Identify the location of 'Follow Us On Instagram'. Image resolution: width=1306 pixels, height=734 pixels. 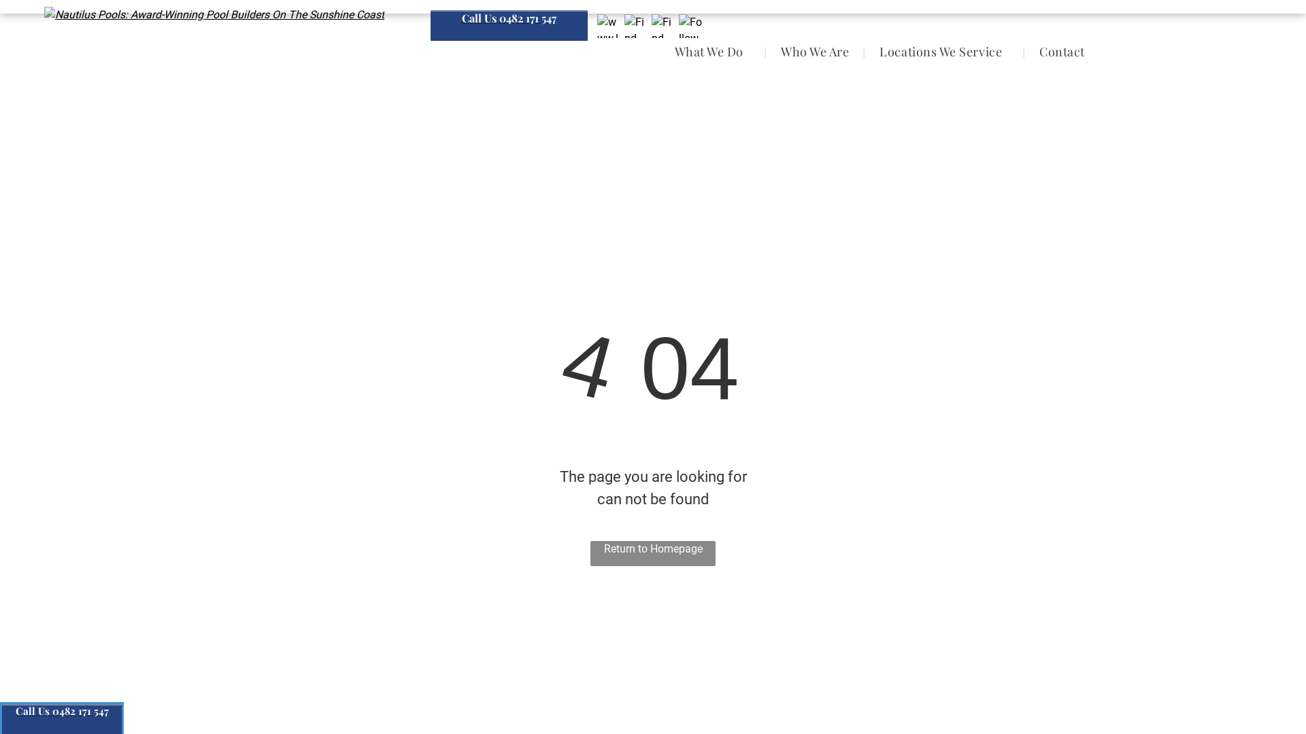
(690, 26).